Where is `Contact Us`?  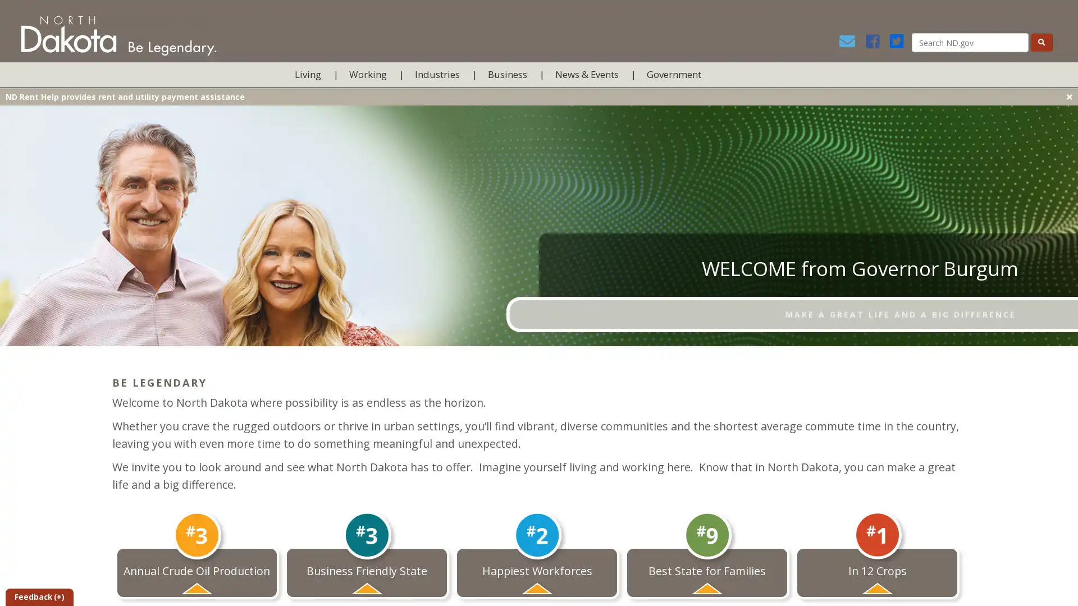
Contact Us is located at coordinates (851, 43).